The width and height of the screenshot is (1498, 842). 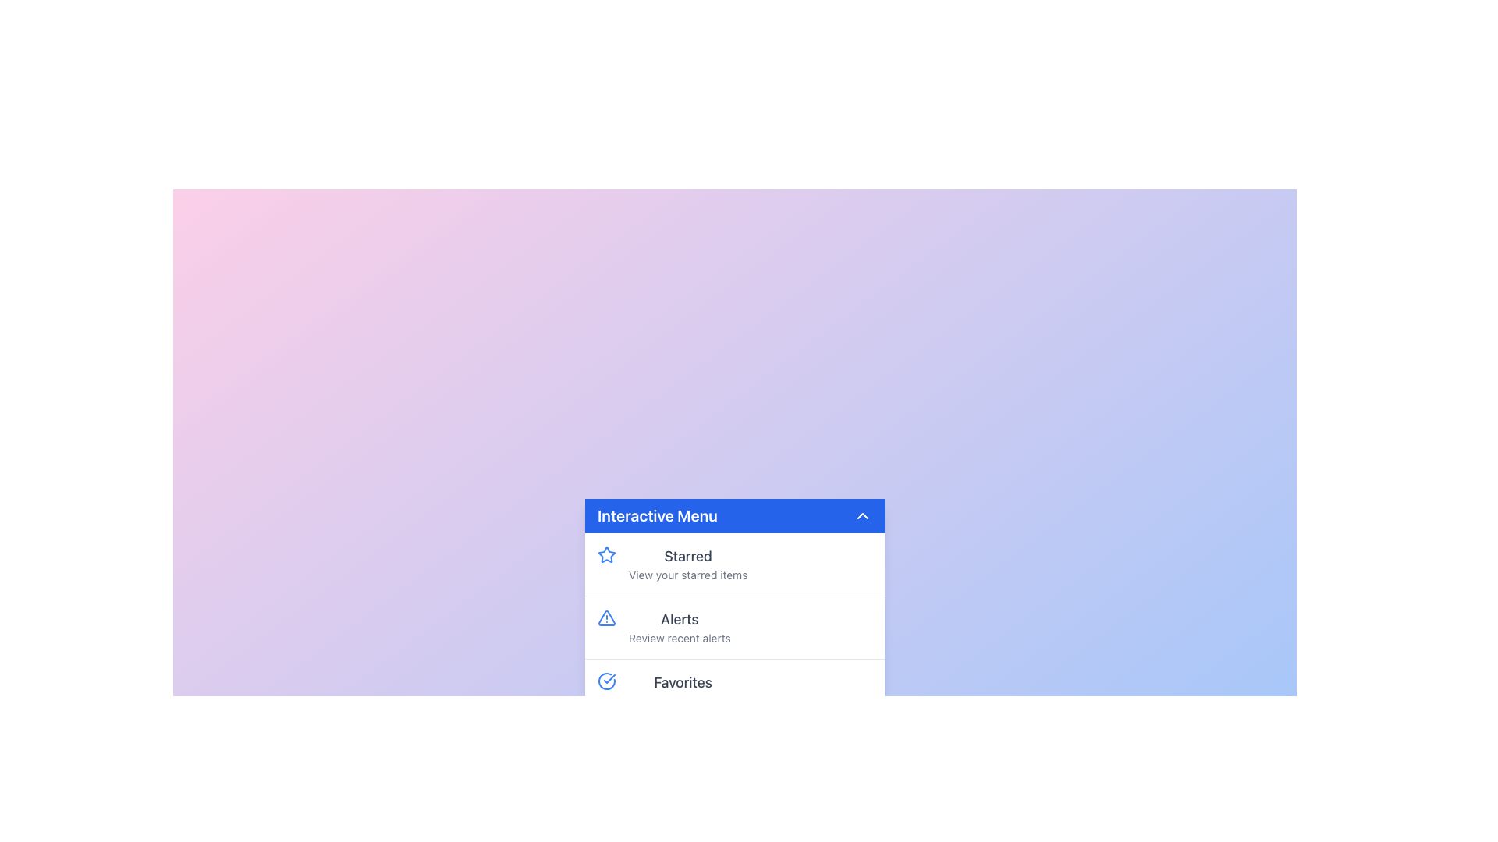 I want to click on the non-interactive Text Label providing supplemental information about the 'Alerts' section, which is located directly below the 'Alerts' heading in the menu interface, so click(x=680, y=638).